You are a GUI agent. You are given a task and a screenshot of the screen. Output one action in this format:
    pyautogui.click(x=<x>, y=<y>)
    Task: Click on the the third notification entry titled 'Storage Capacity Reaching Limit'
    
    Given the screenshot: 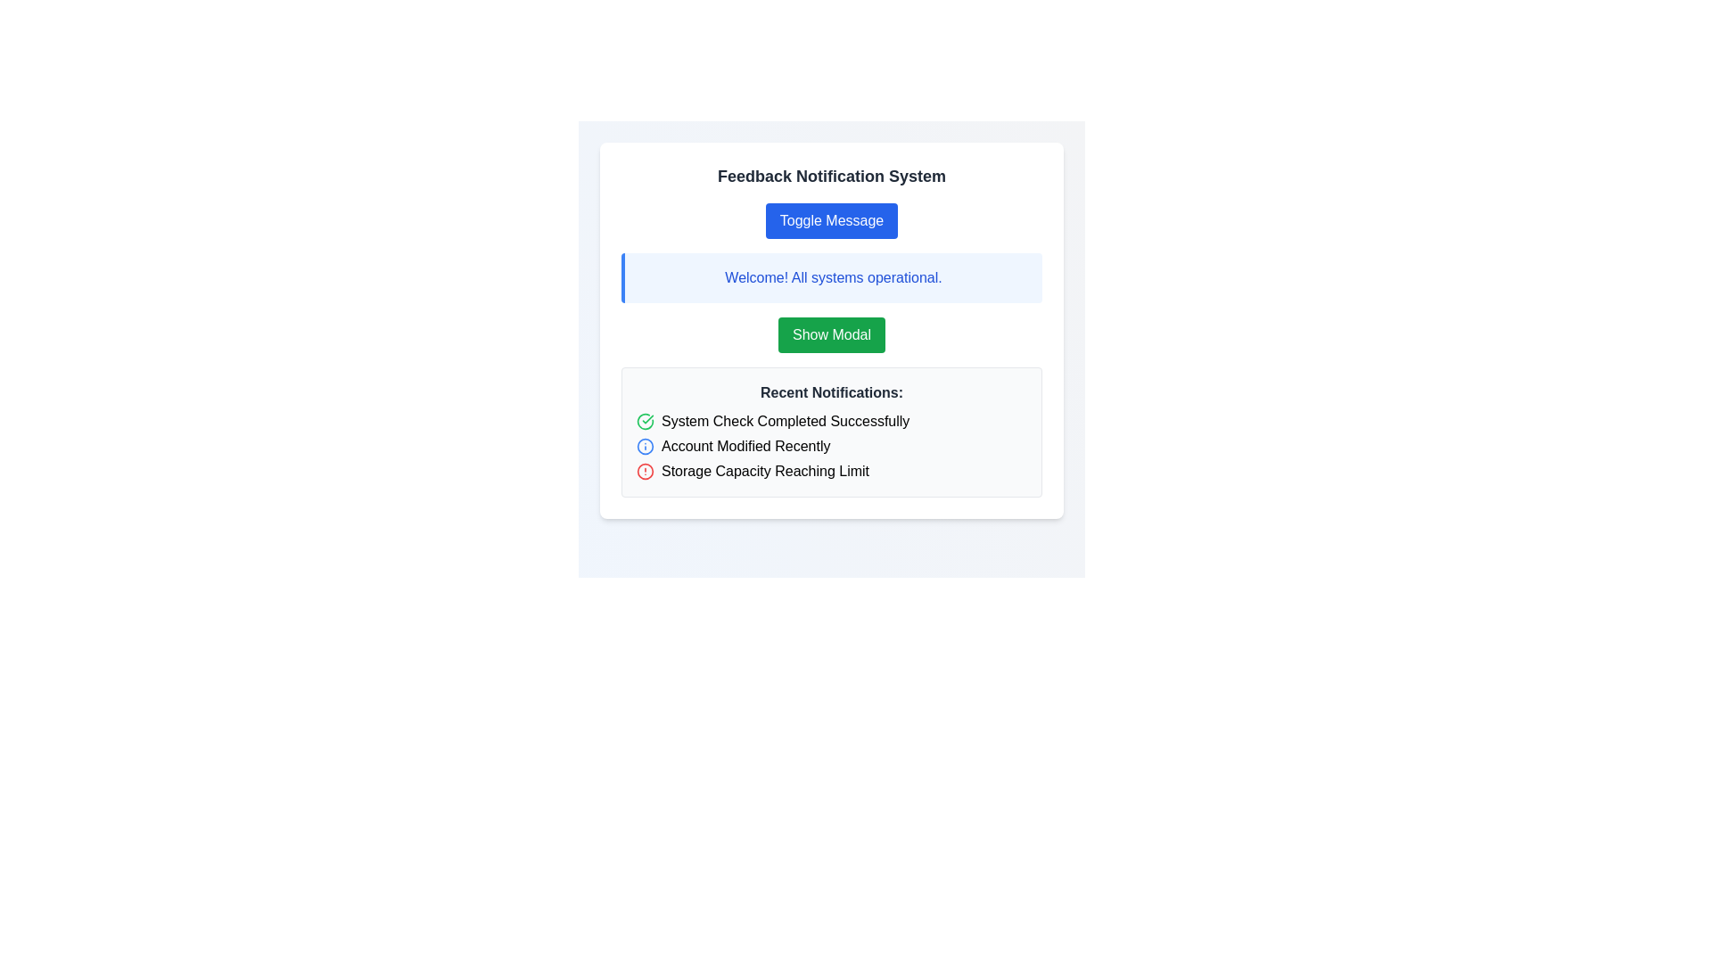 What is the action you would take?
    pyautogui.click(x=830, y=470)
    